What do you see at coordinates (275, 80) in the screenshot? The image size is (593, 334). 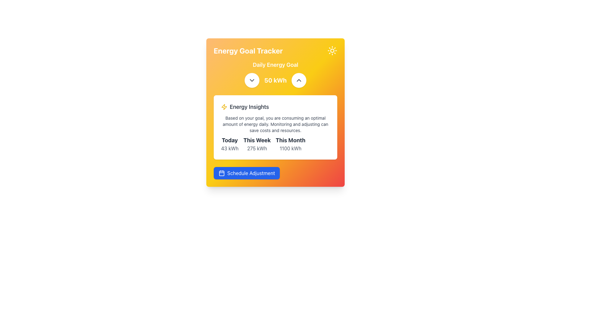 I see `the read-only Text Label that displays the current setting of the daily energy goal, located within the 'Daily Energy Goal' section, between two circular arrow buttons` at bounding box center [275, 80].